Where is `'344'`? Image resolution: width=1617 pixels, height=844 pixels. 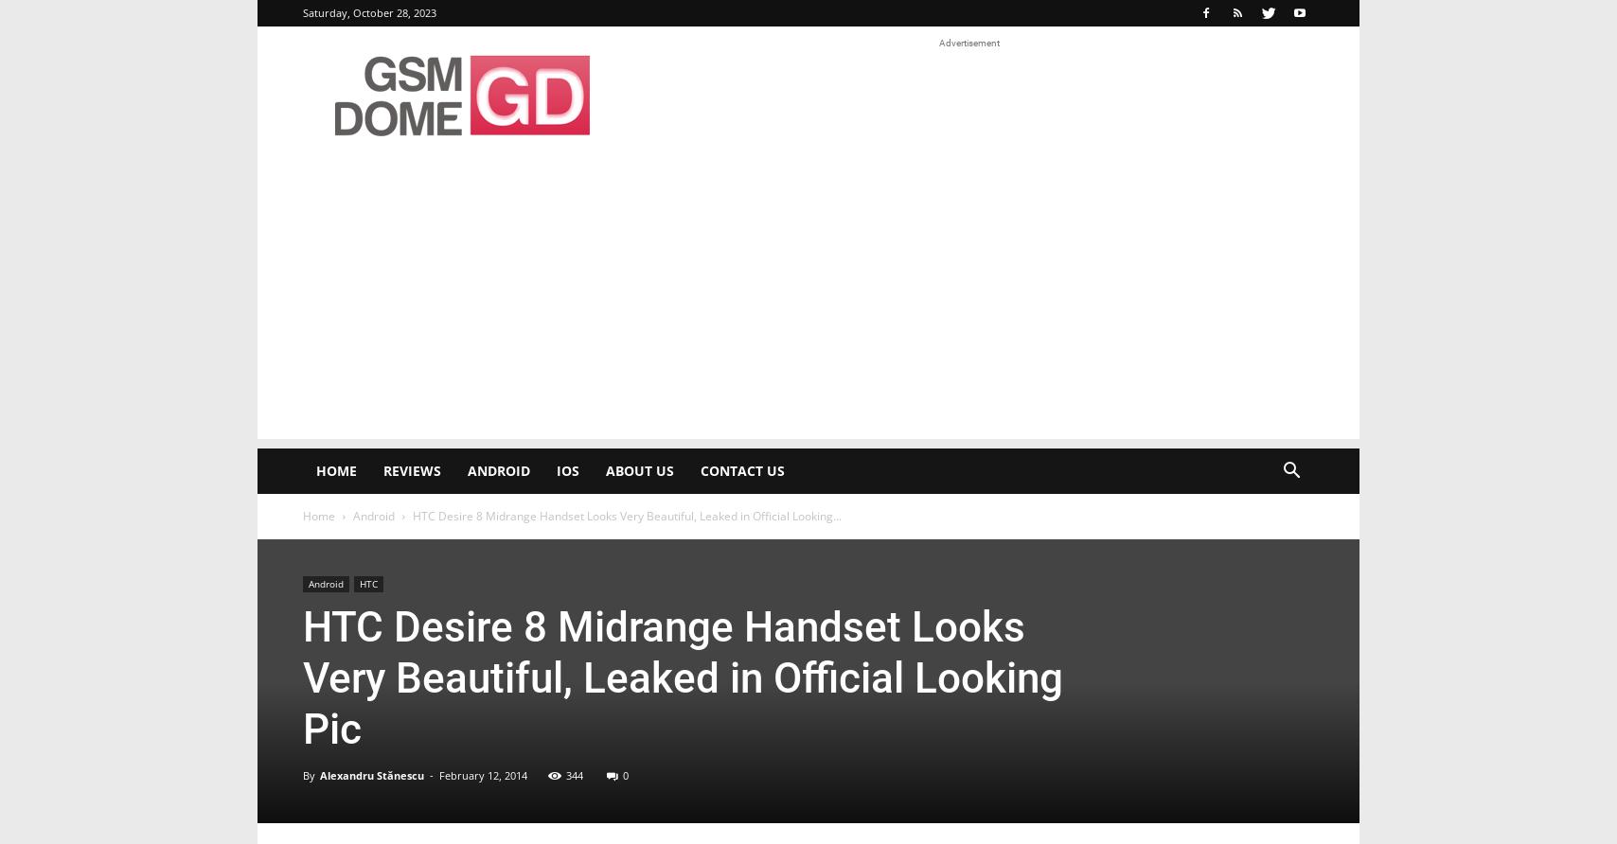
'344' is located at coordinates (575, 774).